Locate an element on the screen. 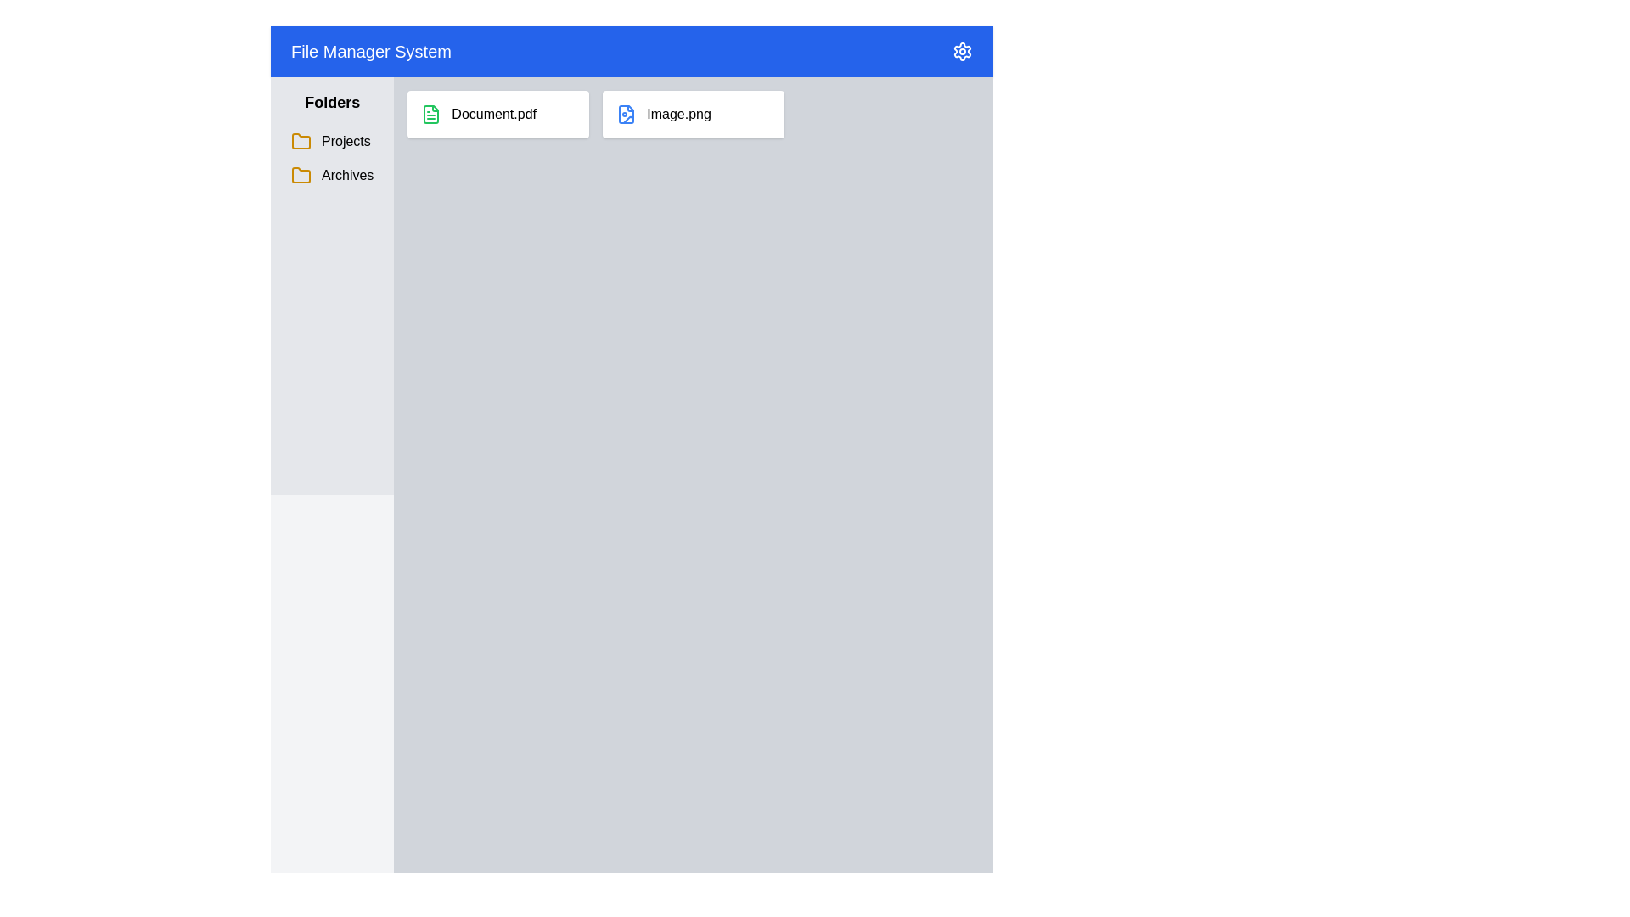 This screenshot has width=1630, height=917. the 'Projects' text label in the file navigation section is located at coordinates (345, 140).